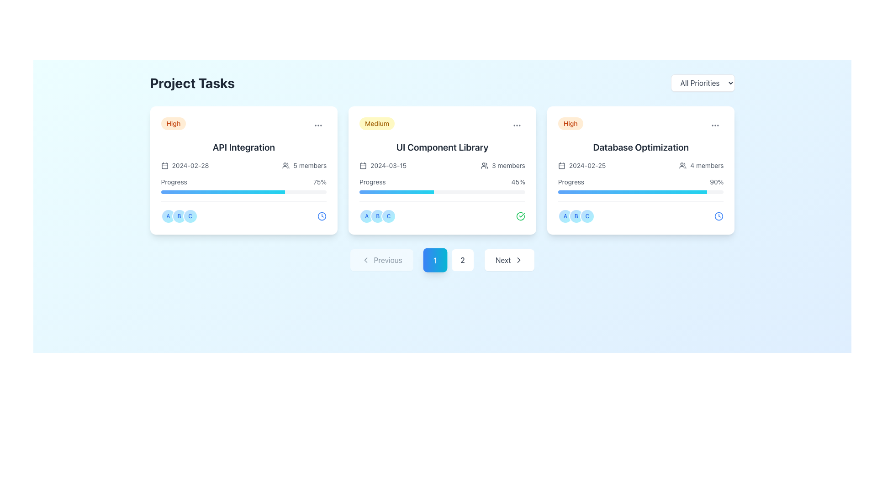 This screenshot has width=877, height=493. I want to click on the middle circular avatar with text that represents a user or entity in the UI Component Library, located below the progress bar, so click(378, 216).